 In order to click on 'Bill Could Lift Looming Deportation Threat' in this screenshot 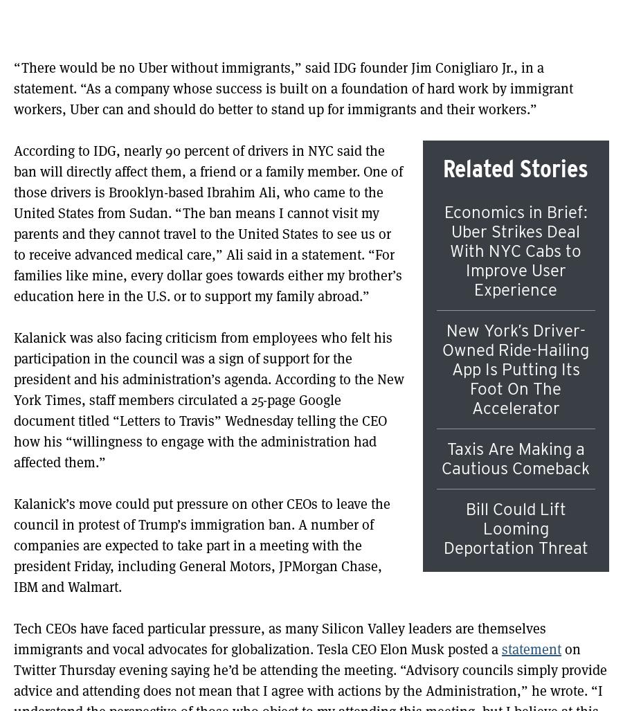, I will do `click(514, 528)`.